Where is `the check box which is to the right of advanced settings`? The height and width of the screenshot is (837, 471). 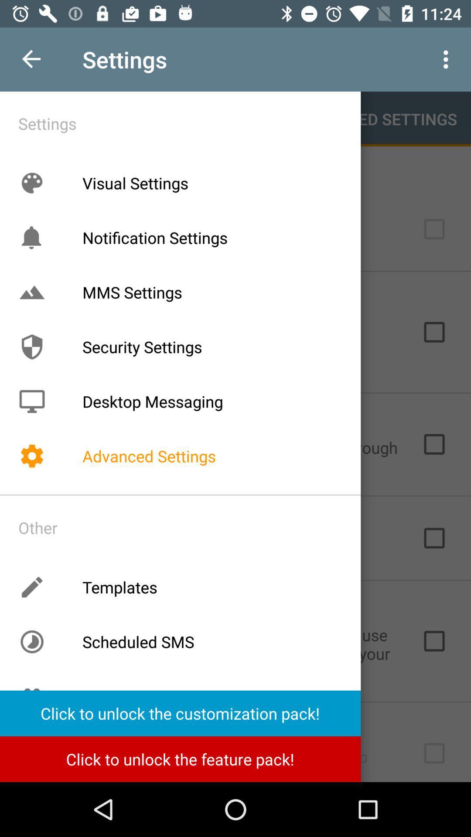 the check box which is to the right of advanced settings is located at coordinates (434, 444).